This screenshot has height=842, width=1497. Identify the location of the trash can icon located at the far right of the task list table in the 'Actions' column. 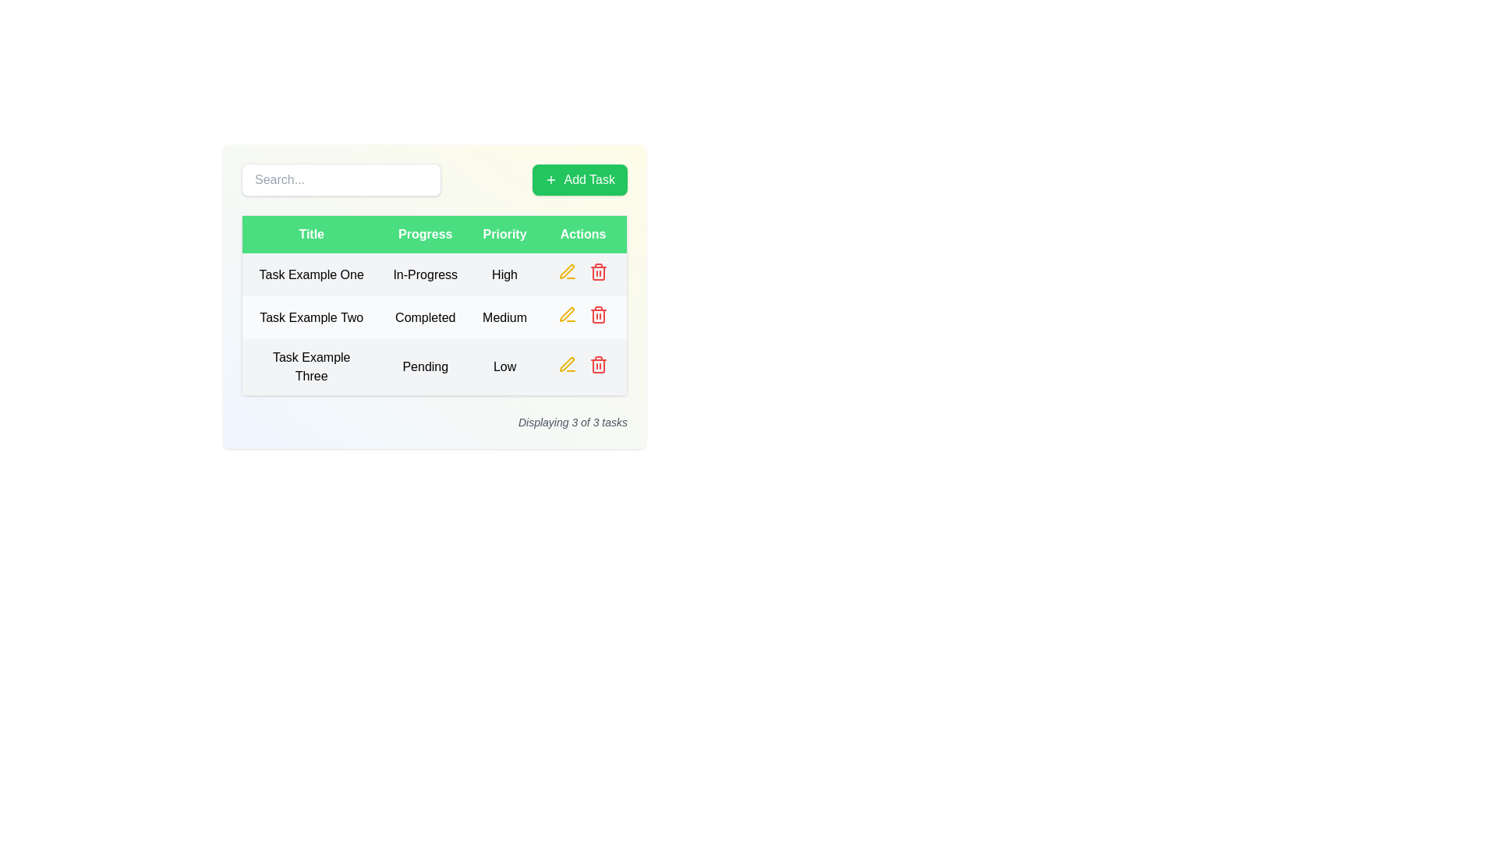
(598, 273).